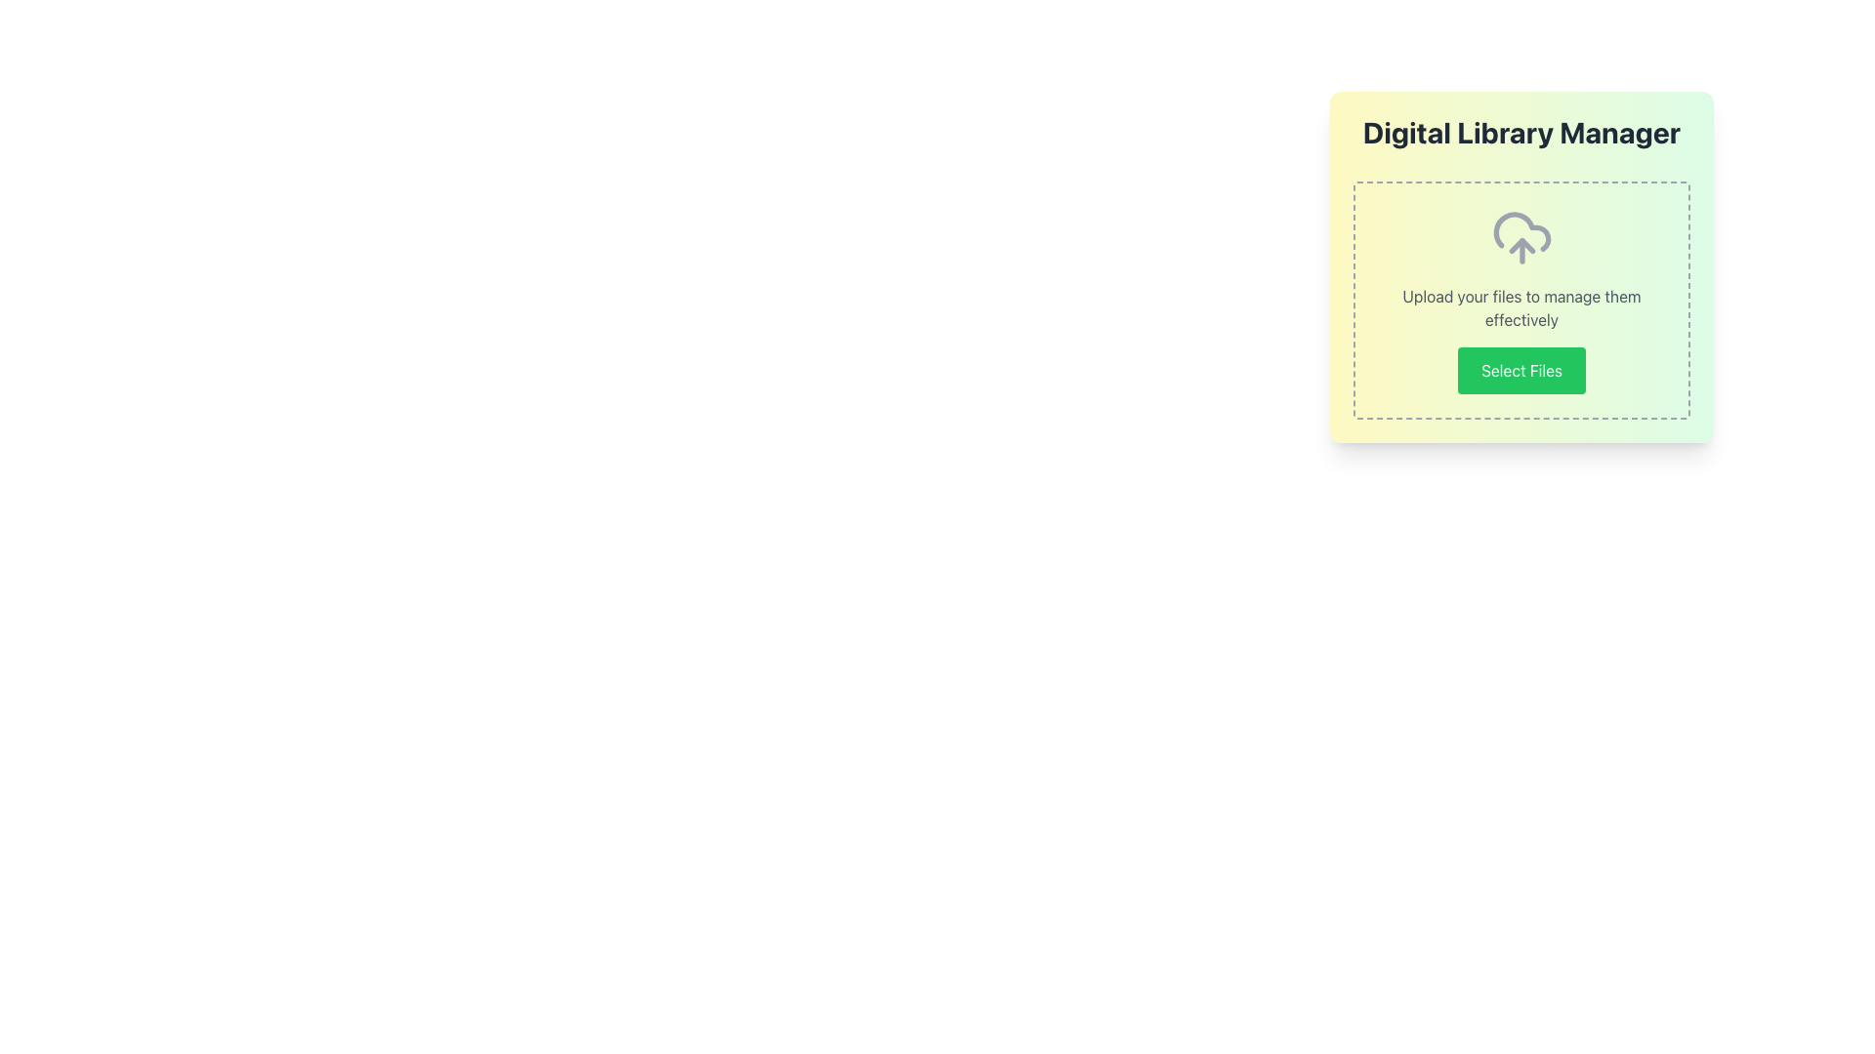 This screenshot has width=1875, height=1054. Describe the element at coordinates (1521, 236) in the screenshot. I see `upload icon located centrally within the bordered dashed box under the title 'Digital Library Manager'` at that location.